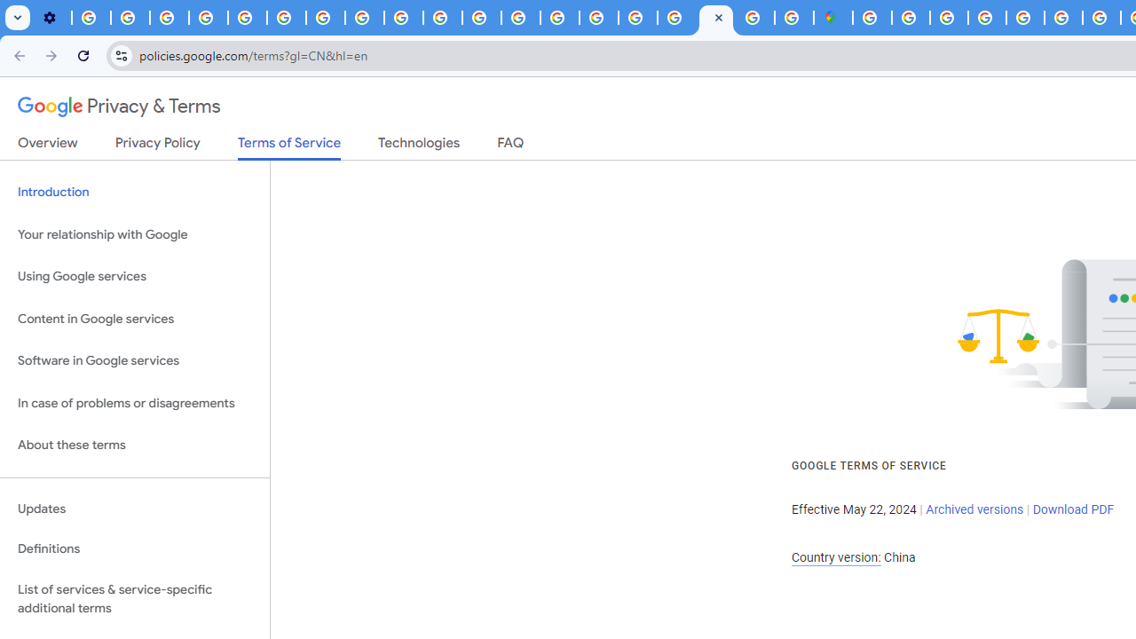 This screenshot has width=1136, height=639. Describe the element at coordinates (91, 18) in the screenshot. I see `'Delete photos & videos - Computer - Google Photos Help'` at that location.